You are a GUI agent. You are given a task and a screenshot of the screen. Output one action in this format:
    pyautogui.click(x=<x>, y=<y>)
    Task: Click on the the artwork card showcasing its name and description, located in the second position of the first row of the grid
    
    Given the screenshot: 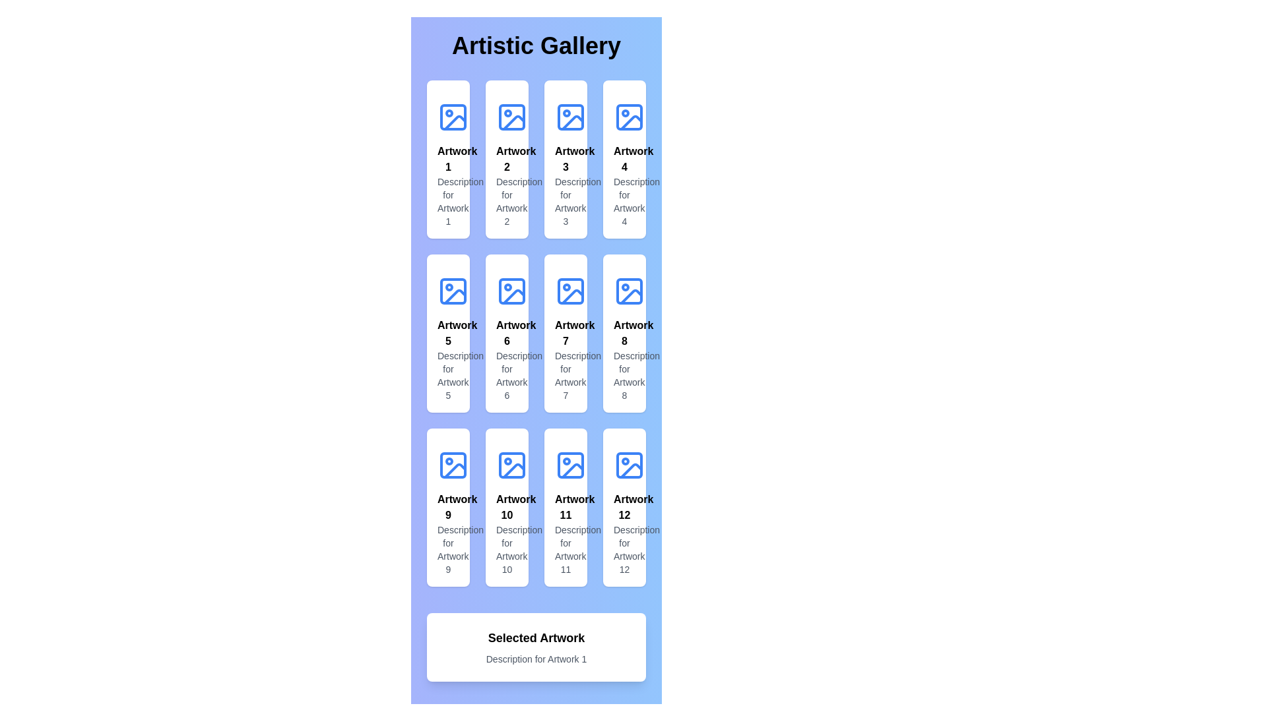 What is the action you would take?
    pyautogui.click(x=506, y=159)
    